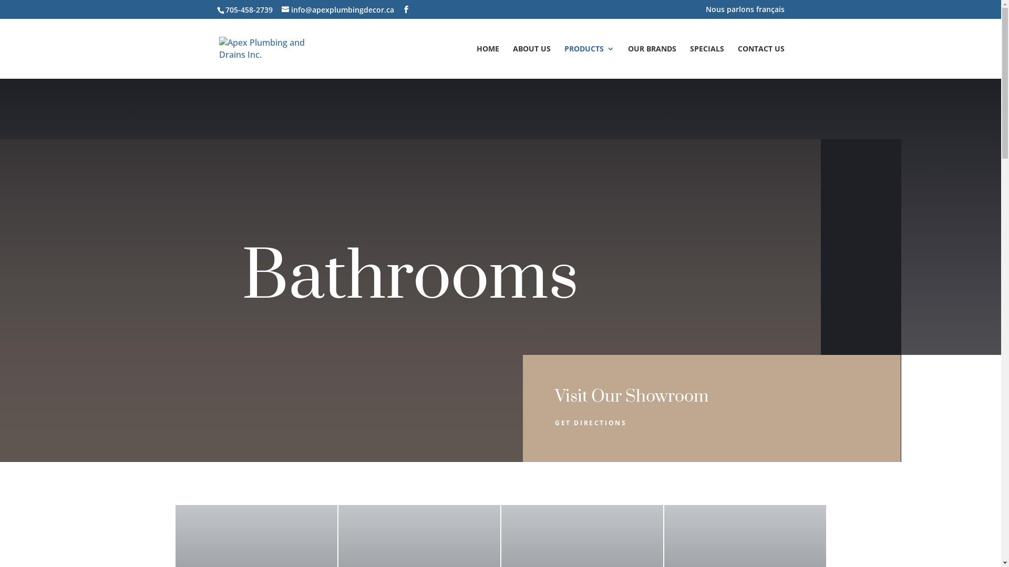 The width and height of the screenshot is (1009, 567). Describe the element at coordinates (532, 62) in the screenshot. I see `'ABOUT US'` at that location.